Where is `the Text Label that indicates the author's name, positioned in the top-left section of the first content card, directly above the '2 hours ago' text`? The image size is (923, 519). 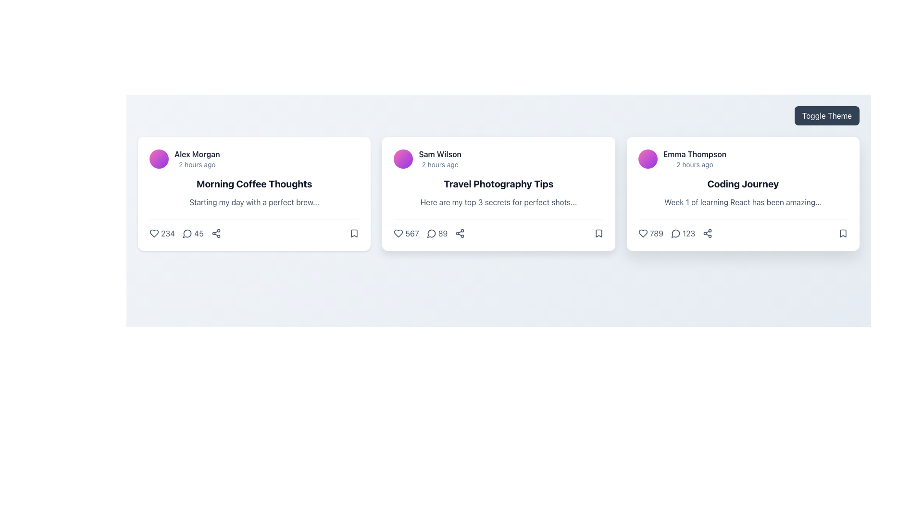 the Text Label that indicates the author's name, positioned in the top-left section of the first content card, directly above the '2 hours ago' text is located at coordinates (197, 153).